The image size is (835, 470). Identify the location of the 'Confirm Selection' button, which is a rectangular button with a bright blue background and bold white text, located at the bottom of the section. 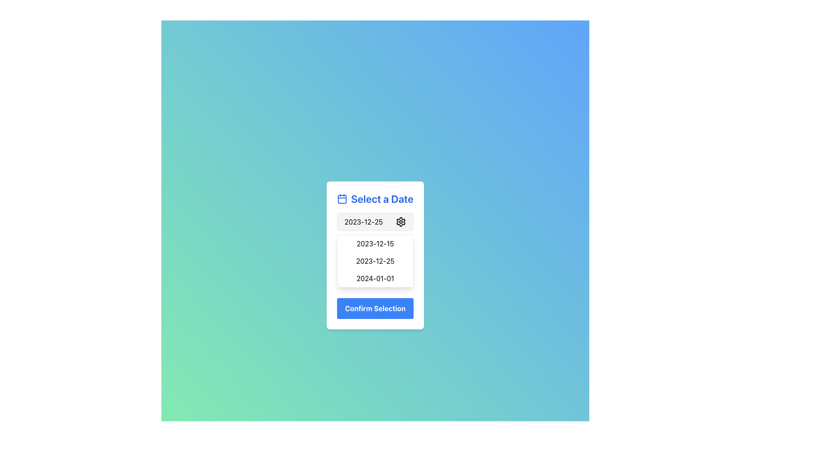
(375, 308).